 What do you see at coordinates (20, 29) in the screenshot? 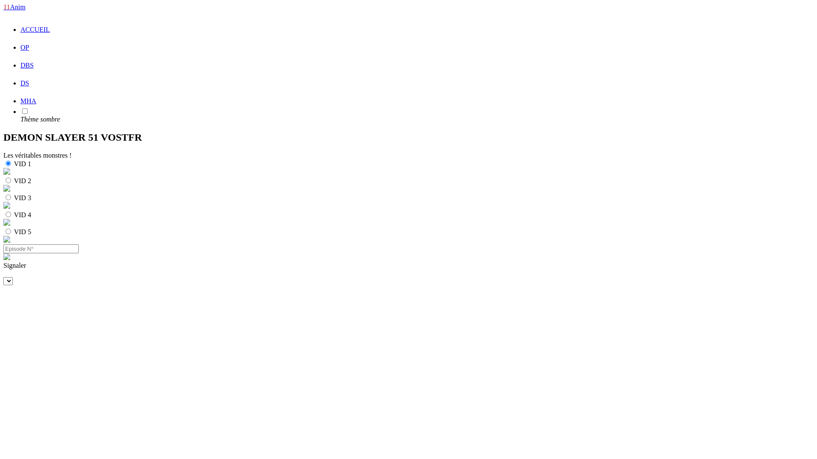
I see `'ACCUEIL'` at bounding box center [20, 29].